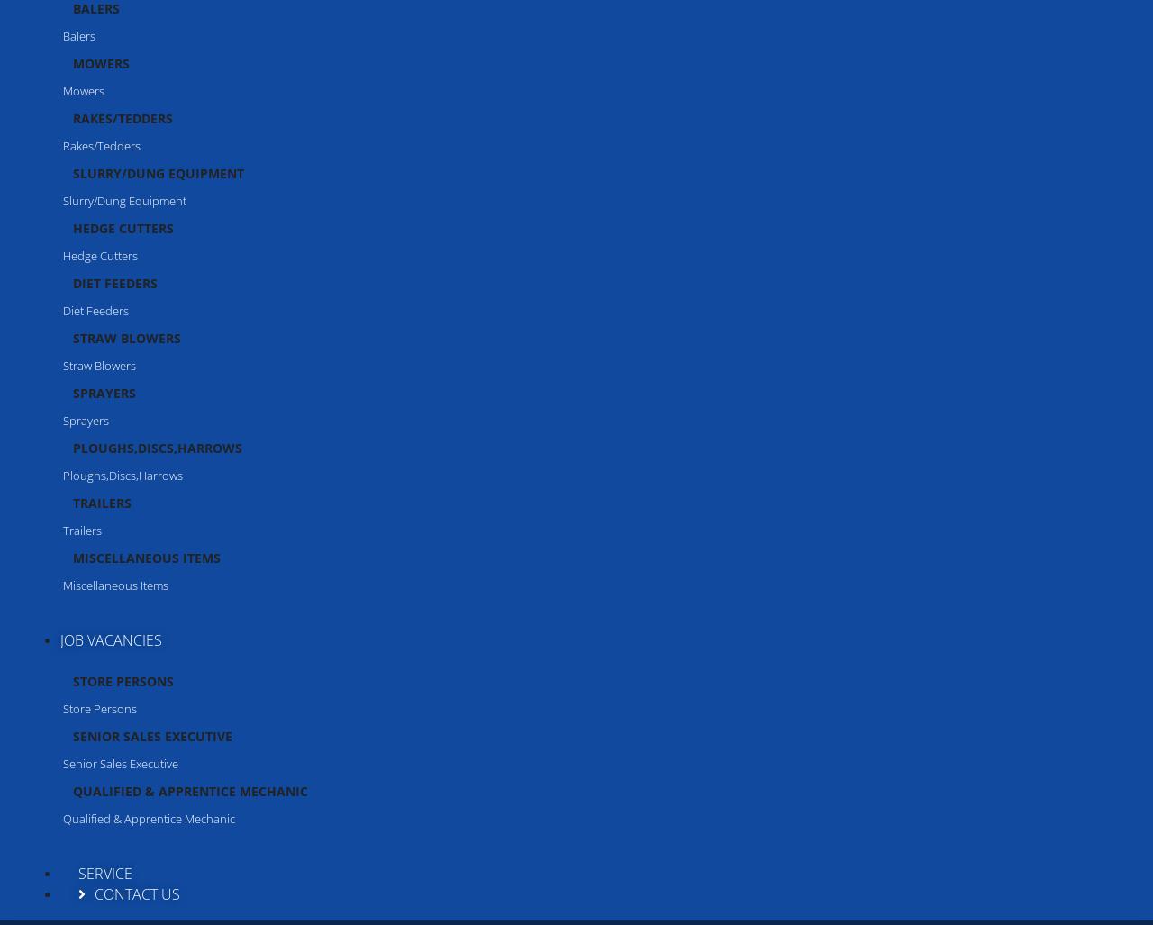 Image resolution: width=1153 pixels, height=925 pixels. I want to click on 'powered by', so click(26, 897).